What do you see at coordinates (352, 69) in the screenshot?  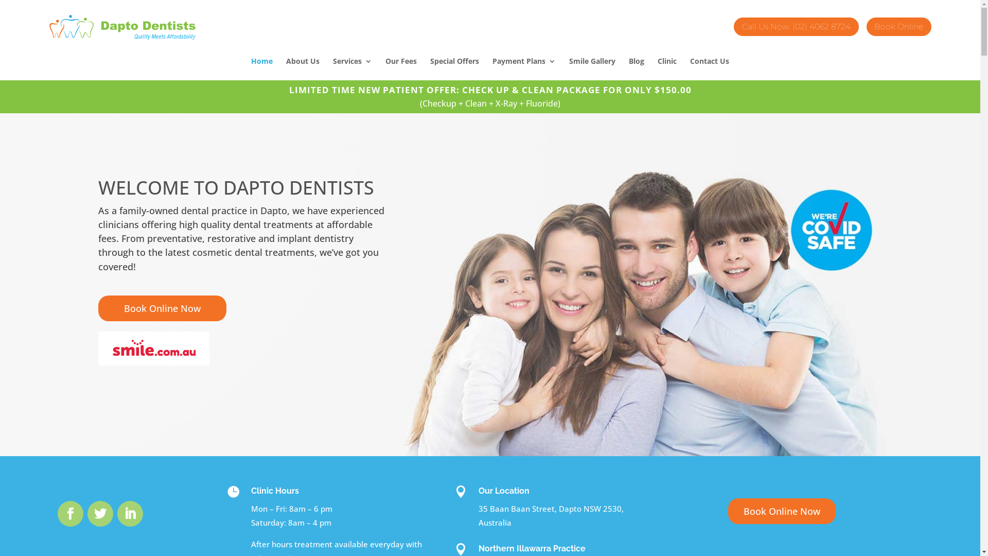 I see `'Services'` at bounding box center [352, 69].